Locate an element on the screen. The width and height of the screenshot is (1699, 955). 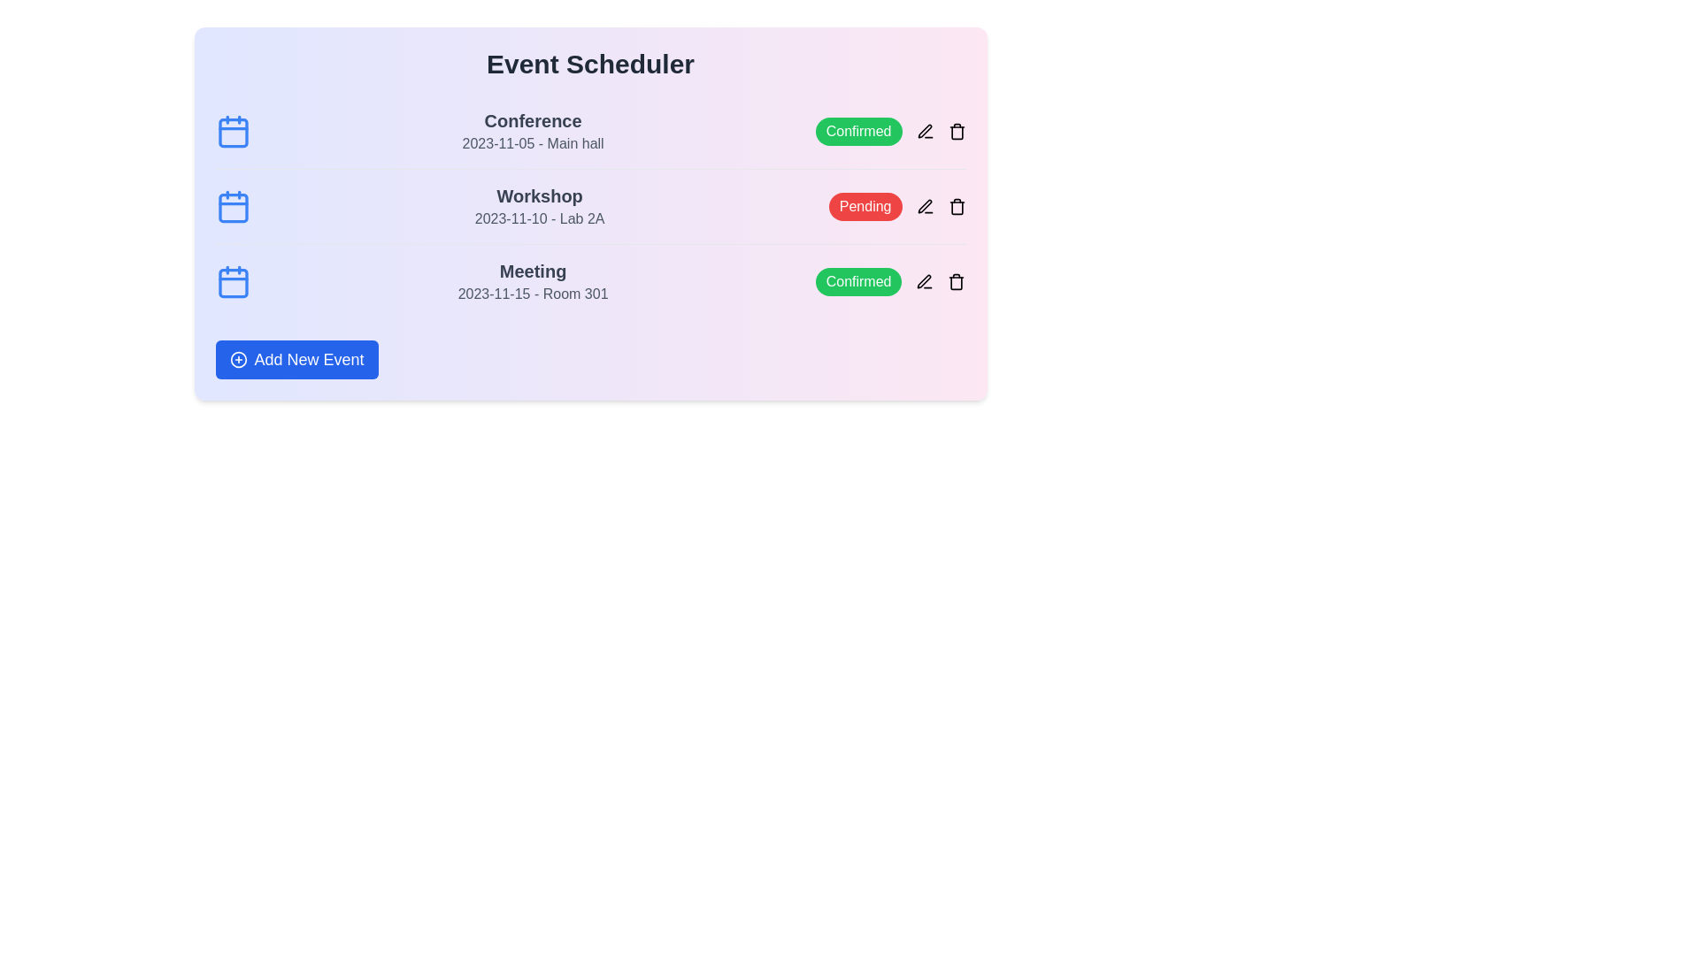
the Edit Action icon button located beside the 'Confirmed' green status badge in the bottom row of the event list to initiate editing the 'Meeting' event is located at coordinates (924, 281).